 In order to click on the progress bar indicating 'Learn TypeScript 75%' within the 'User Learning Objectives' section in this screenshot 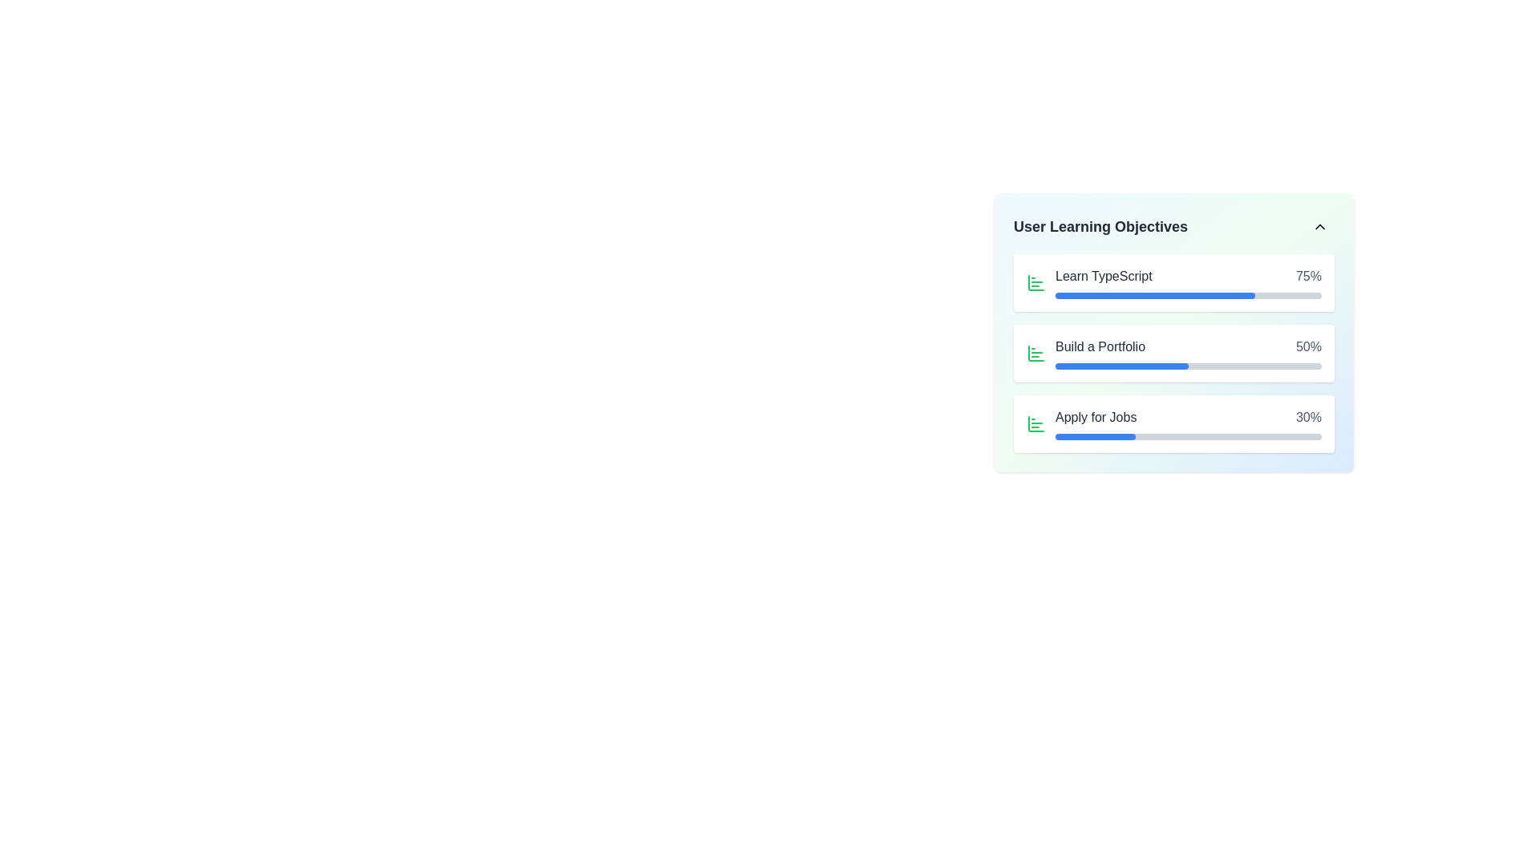, I will do `click(1189, 296)`.